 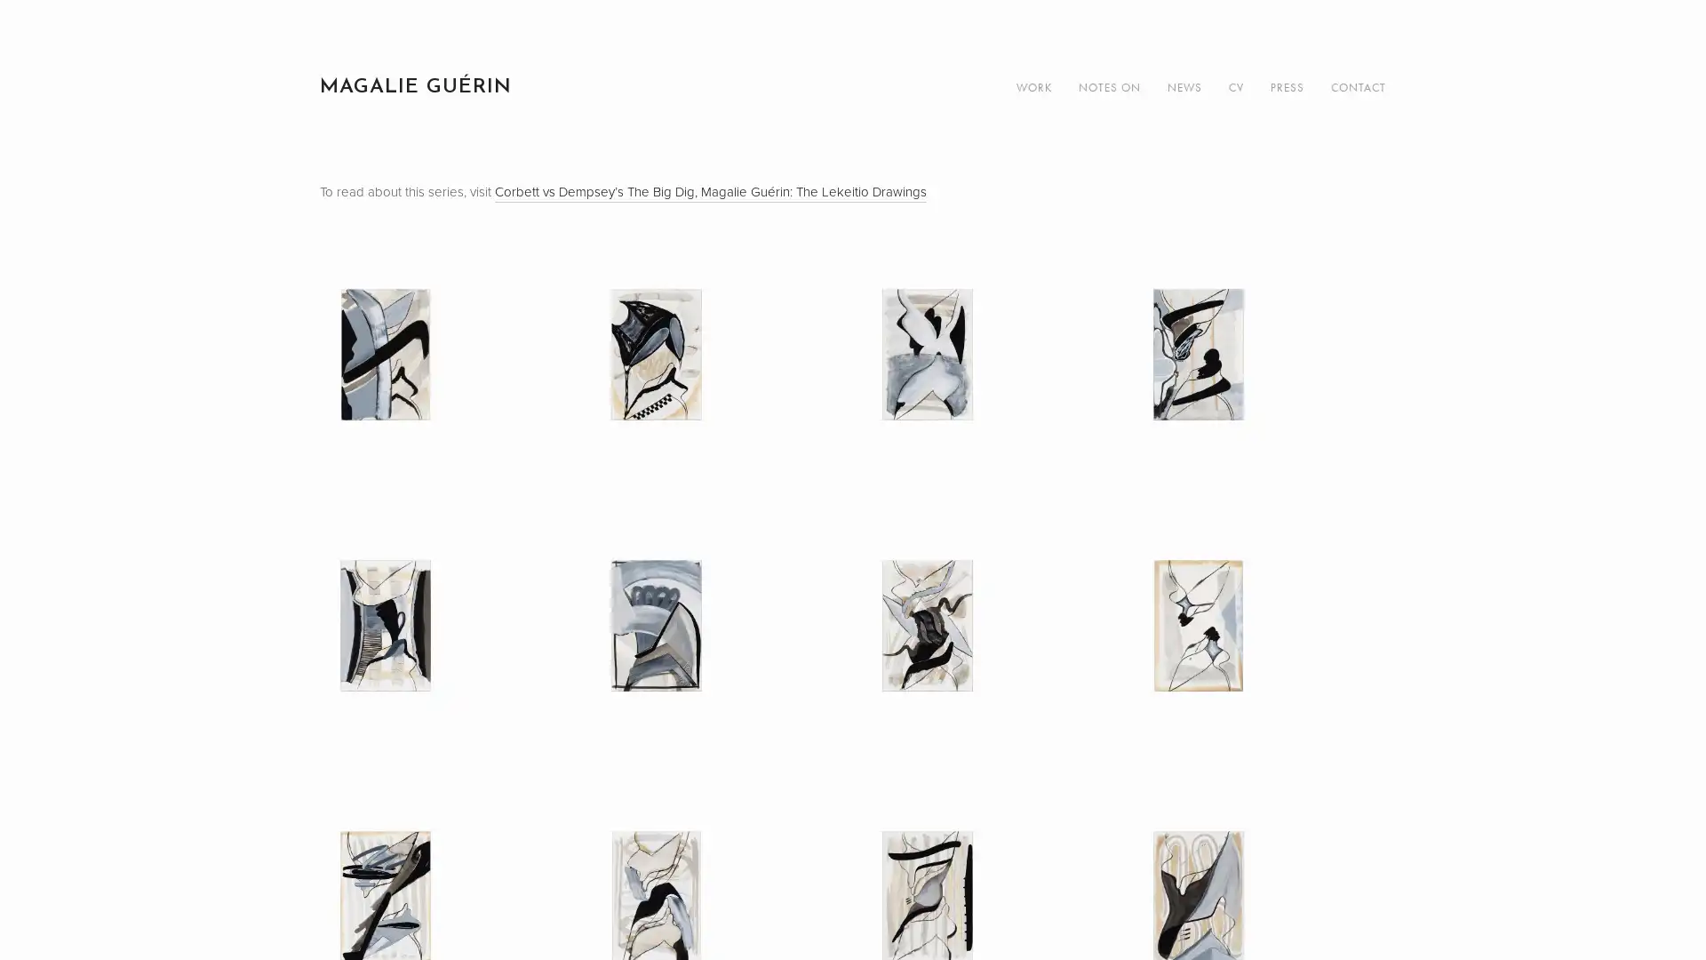 What do you see at coordinates (1258, 685) in the screenshot?
I see `View fullsize Untitled (LK 08), 2019` at bounding box center [1258, 685].